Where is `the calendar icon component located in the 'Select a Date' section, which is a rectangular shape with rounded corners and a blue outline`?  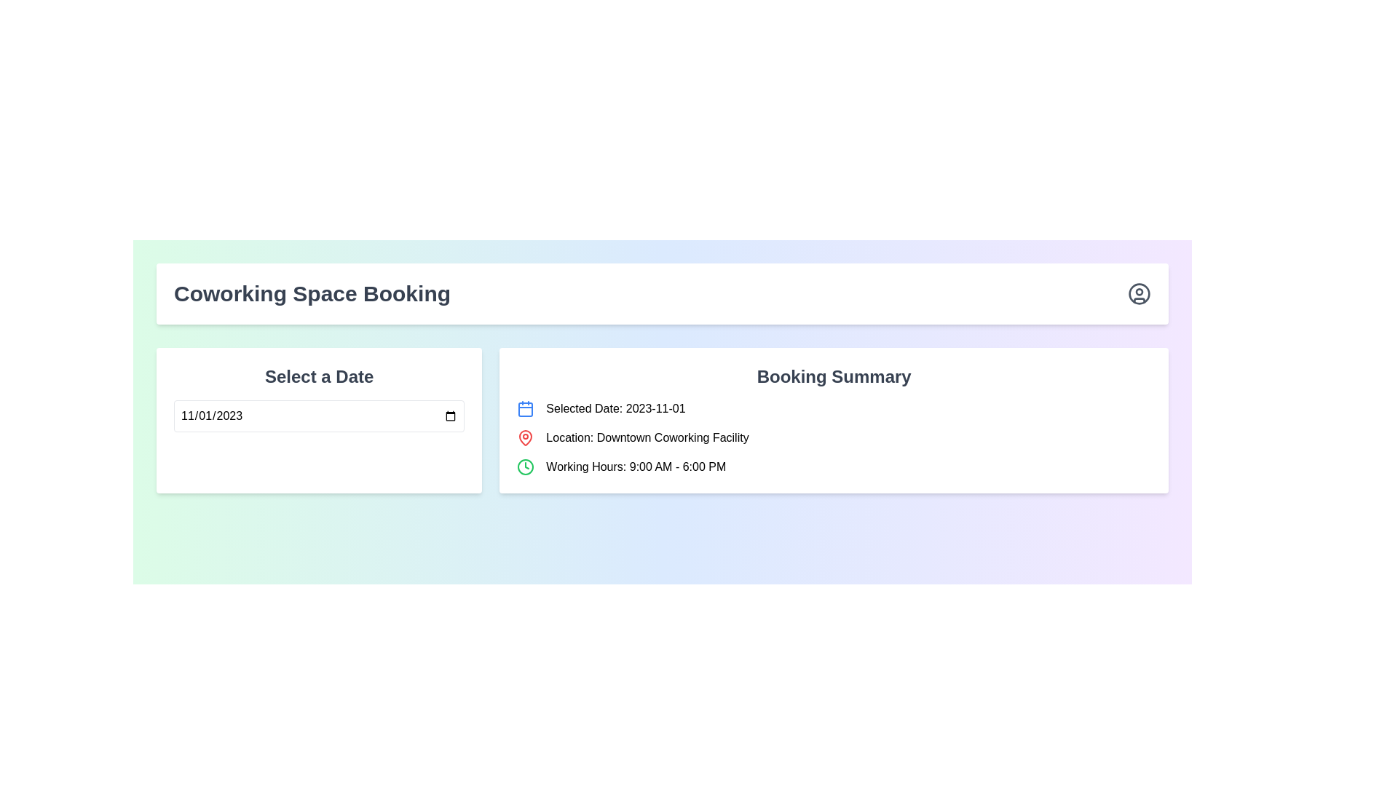 the calendar icon component located in the 'Select a Date' section, which is a rectangular shape with rounded corners and a blue outline is located at coordinates (525, 410).